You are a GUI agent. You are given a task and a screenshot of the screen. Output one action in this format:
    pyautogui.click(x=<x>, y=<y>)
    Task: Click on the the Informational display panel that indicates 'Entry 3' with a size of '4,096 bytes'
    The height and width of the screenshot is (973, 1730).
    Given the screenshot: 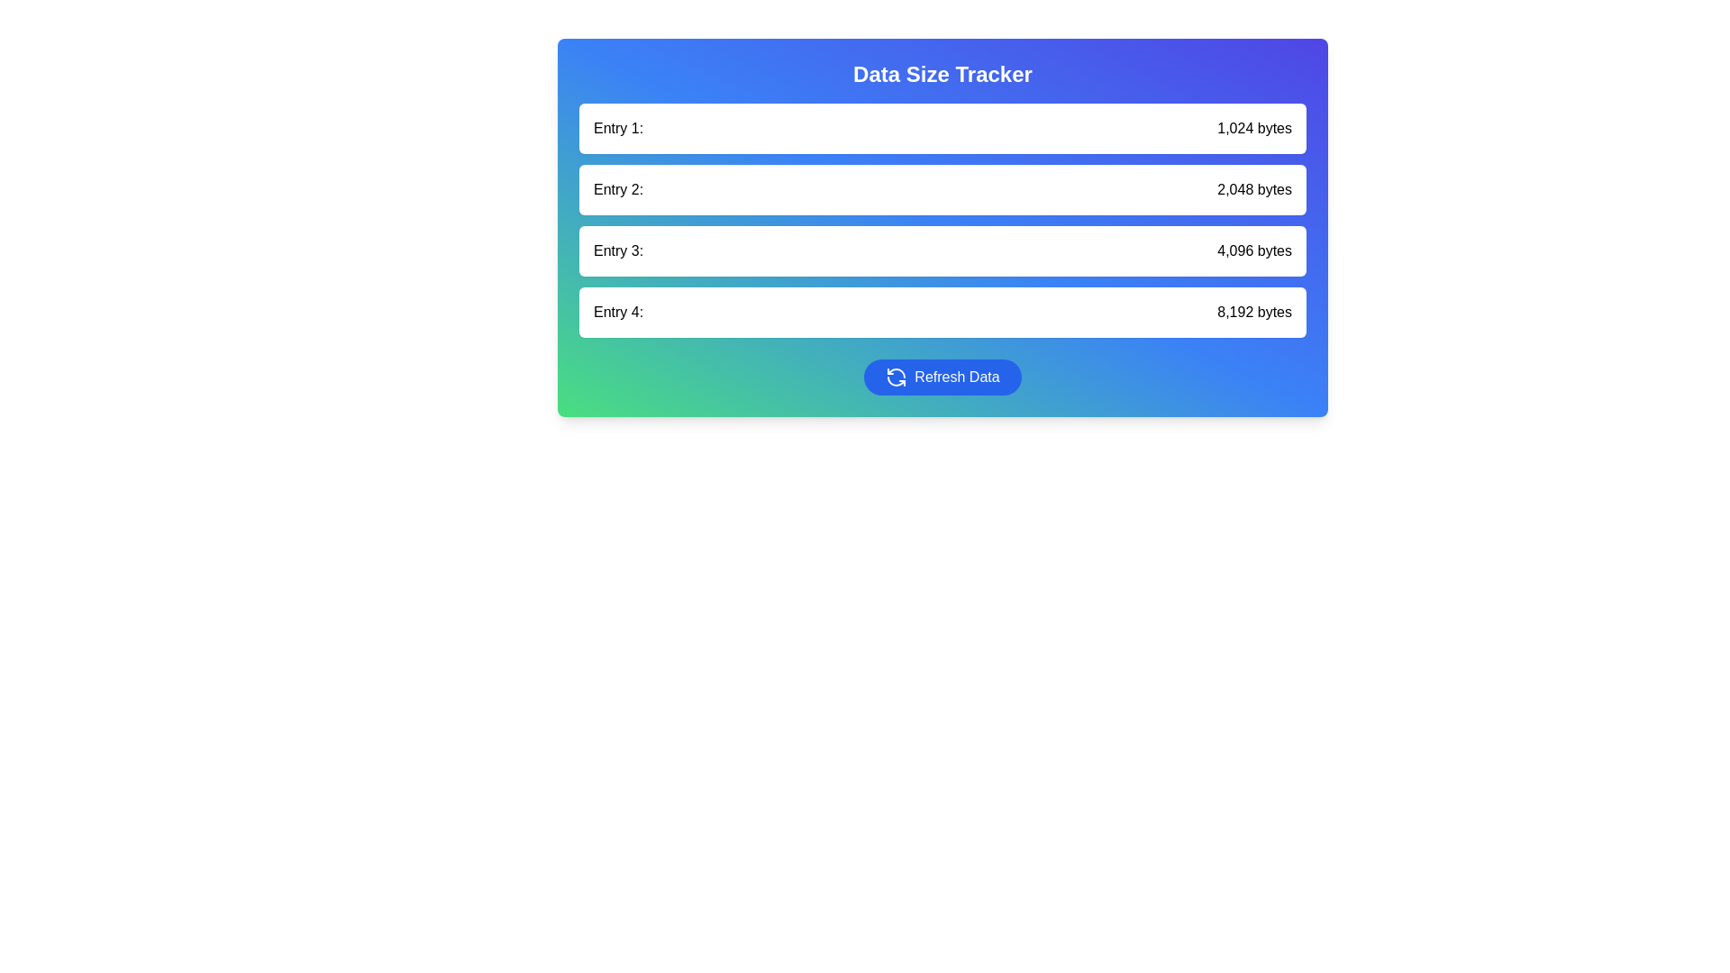 What is the action you would take?
    pyautogui.click(x=942, y=250)
    